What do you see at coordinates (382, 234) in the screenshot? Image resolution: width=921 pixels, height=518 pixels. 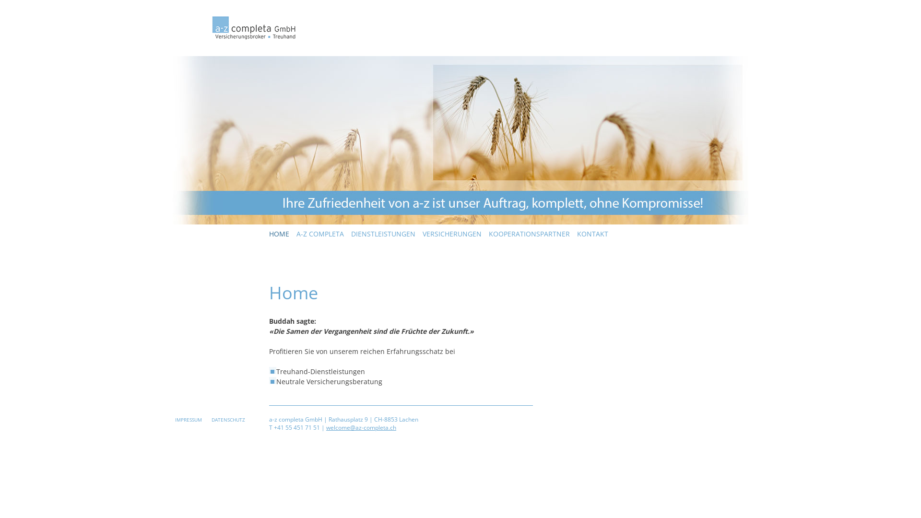 I see `'DIENSTLEISTUNGEN'` at bounding box center [382, 234].